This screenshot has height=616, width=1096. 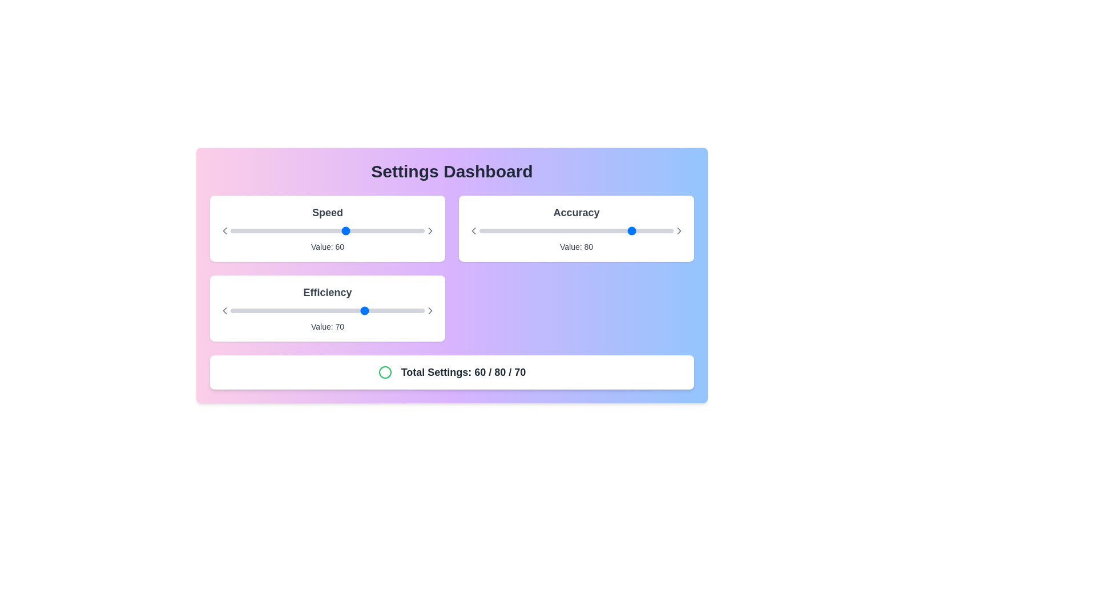 What do you see at coordinates (671, 231) in the screenshot?
I see `the accuracy slider` at bounding box center [671, 231].